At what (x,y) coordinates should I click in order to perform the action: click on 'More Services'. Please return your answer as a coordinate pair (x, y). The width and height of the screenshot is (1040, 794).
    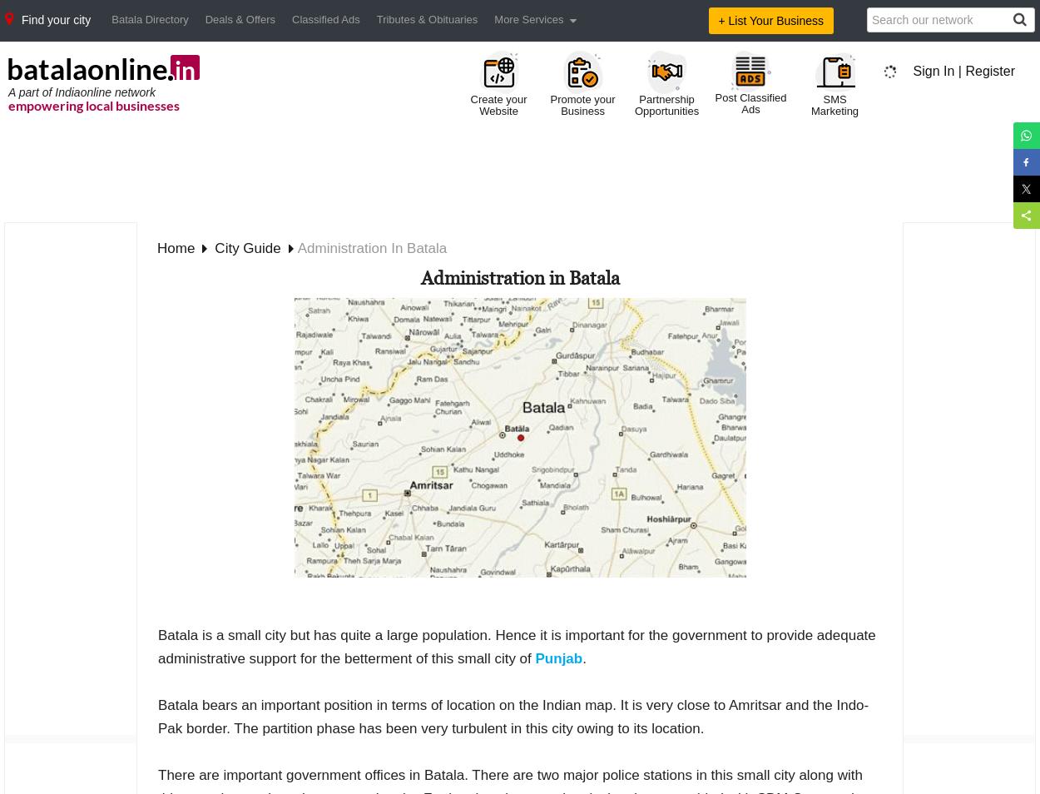
    Looking at the image, I should click on (528, 18).